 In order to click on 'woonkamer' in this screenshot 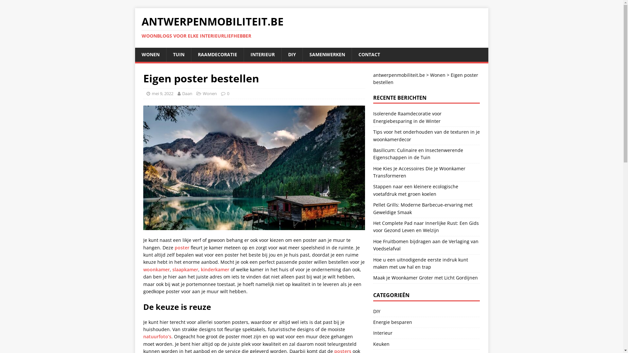, I will do `click(143, 269)`.